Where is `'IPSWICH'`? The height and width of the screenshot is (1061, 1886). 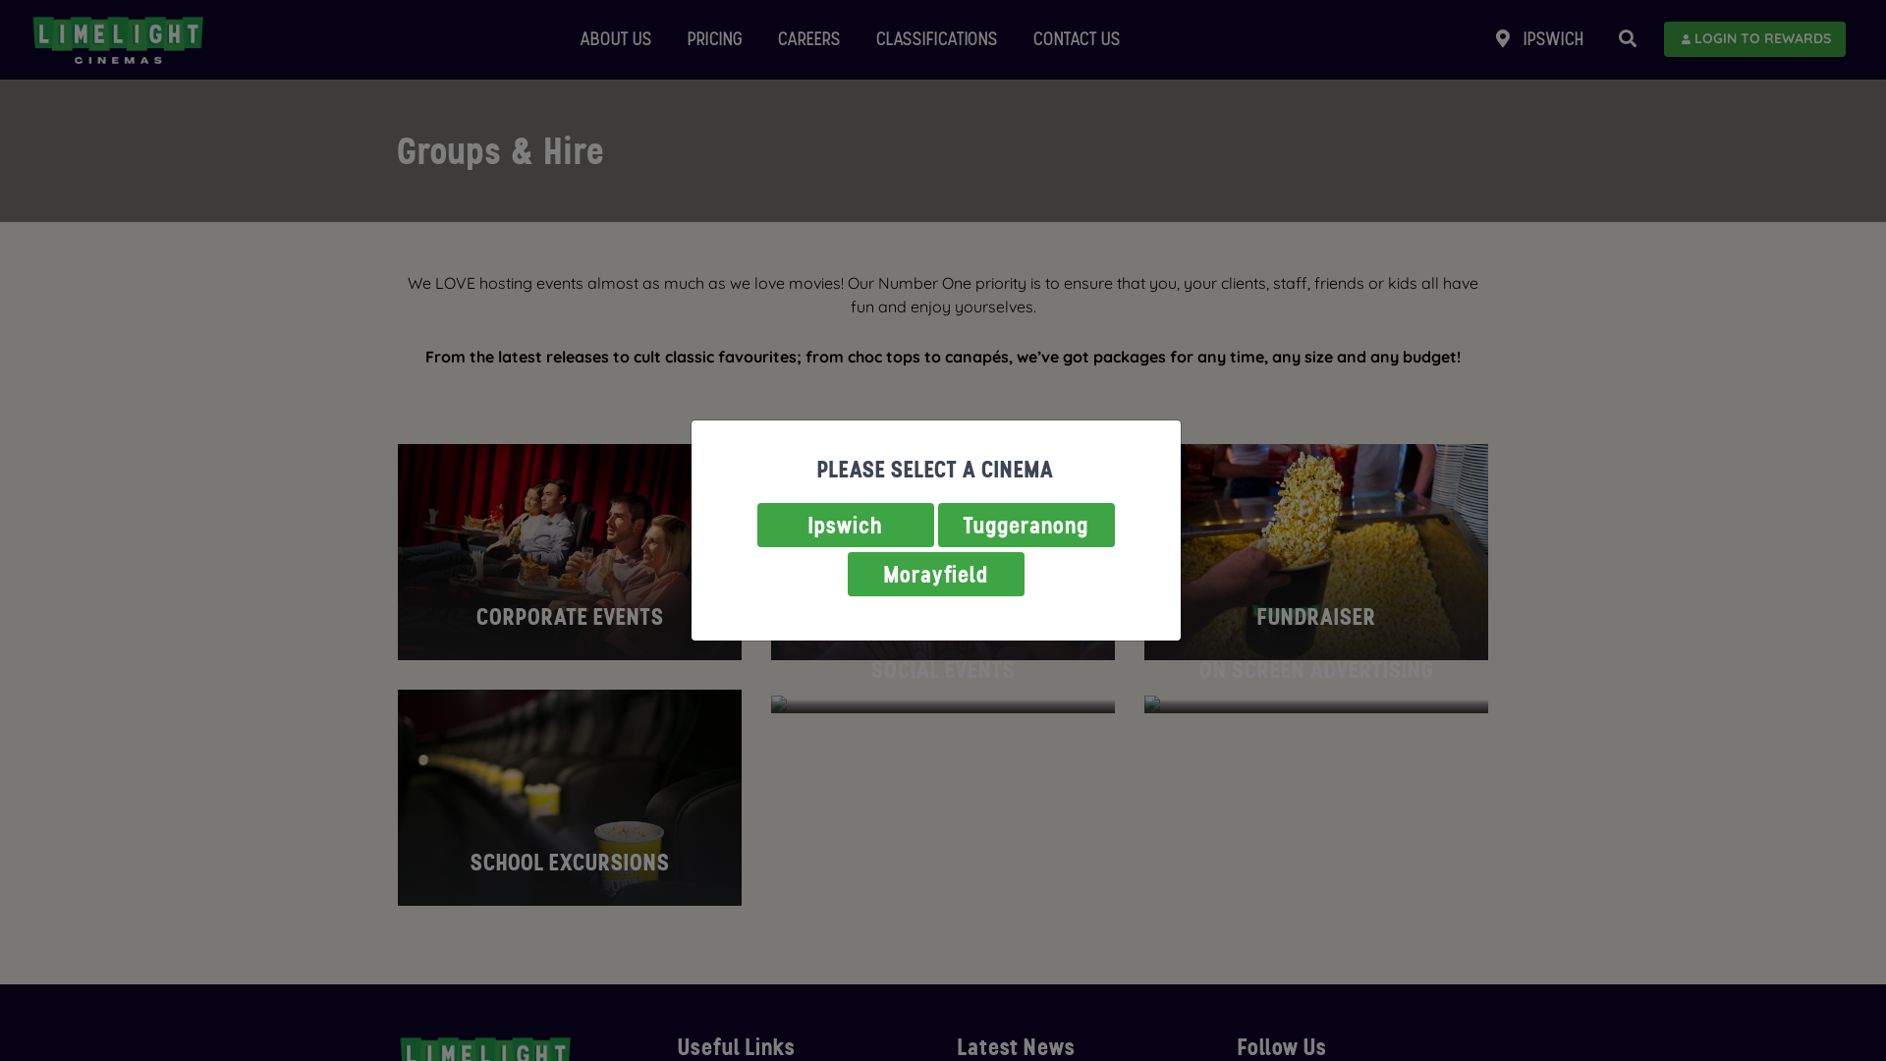 'IPSWICH' is located at coordinates (1538, 39).